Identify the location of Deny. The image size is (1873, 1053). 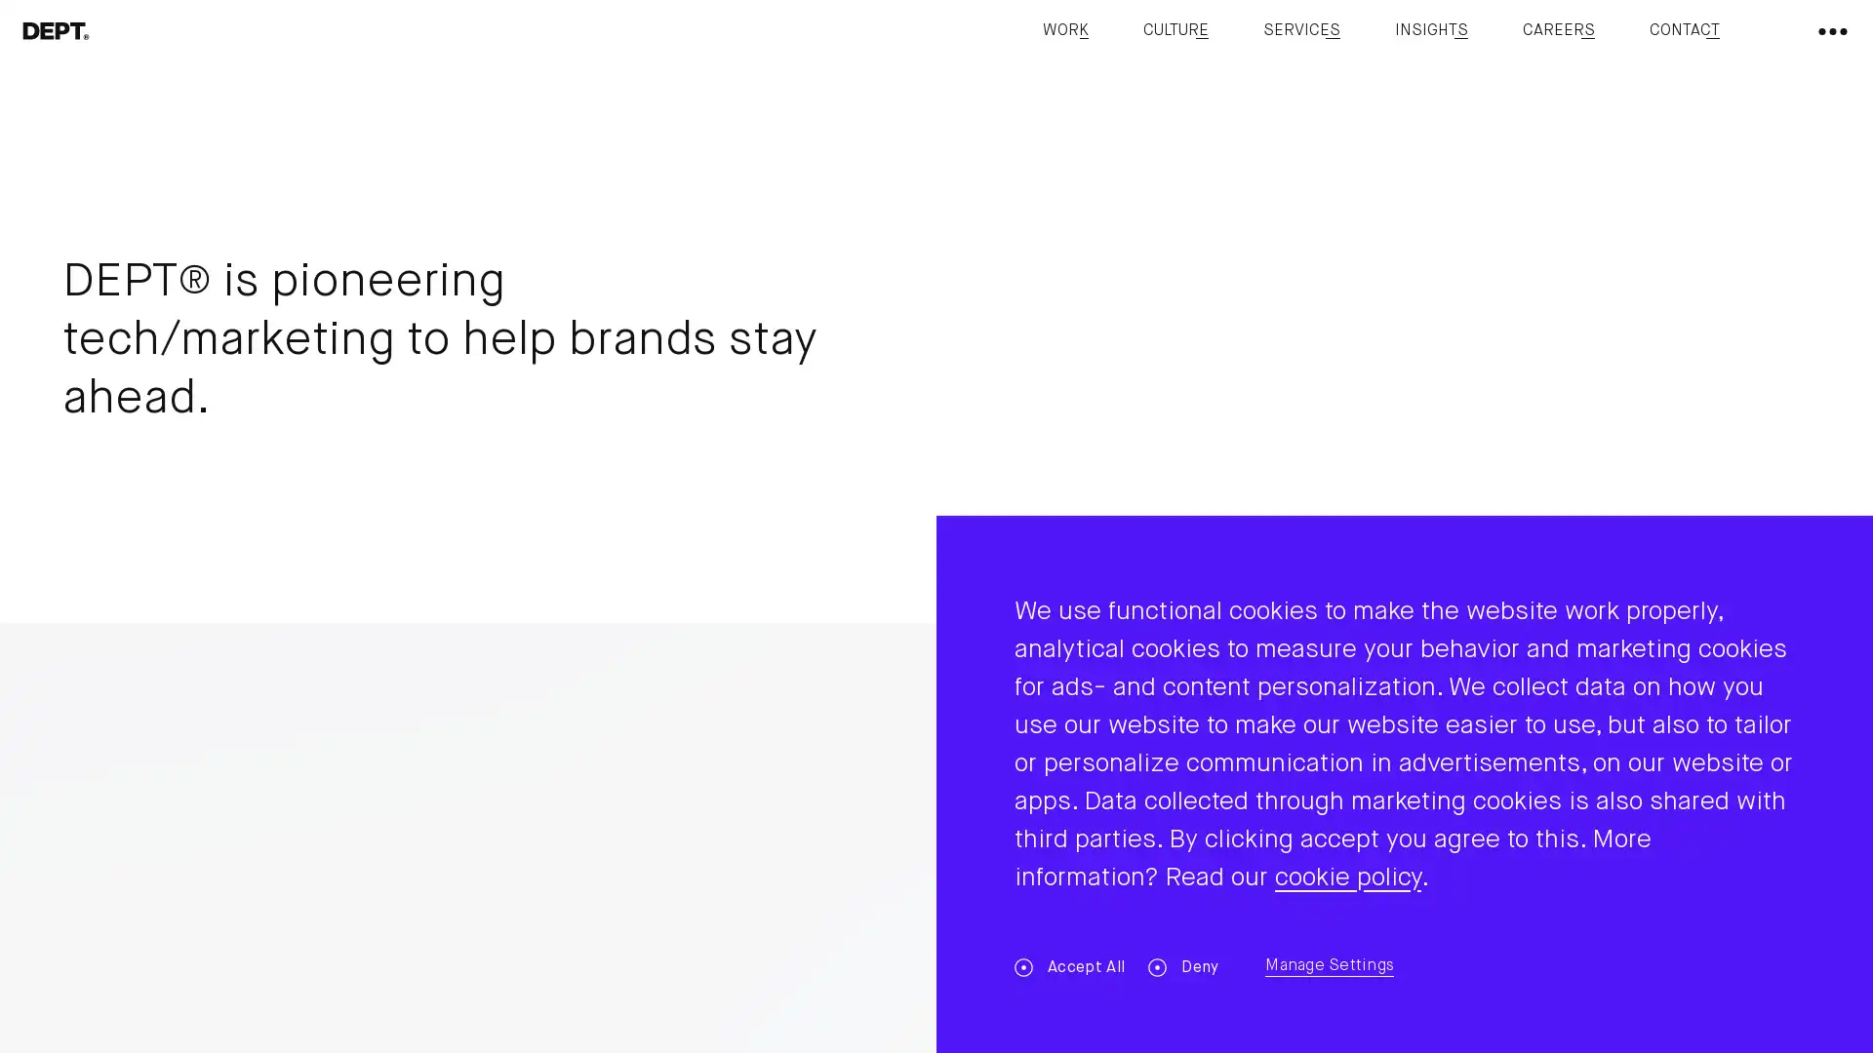
(1182, 967).